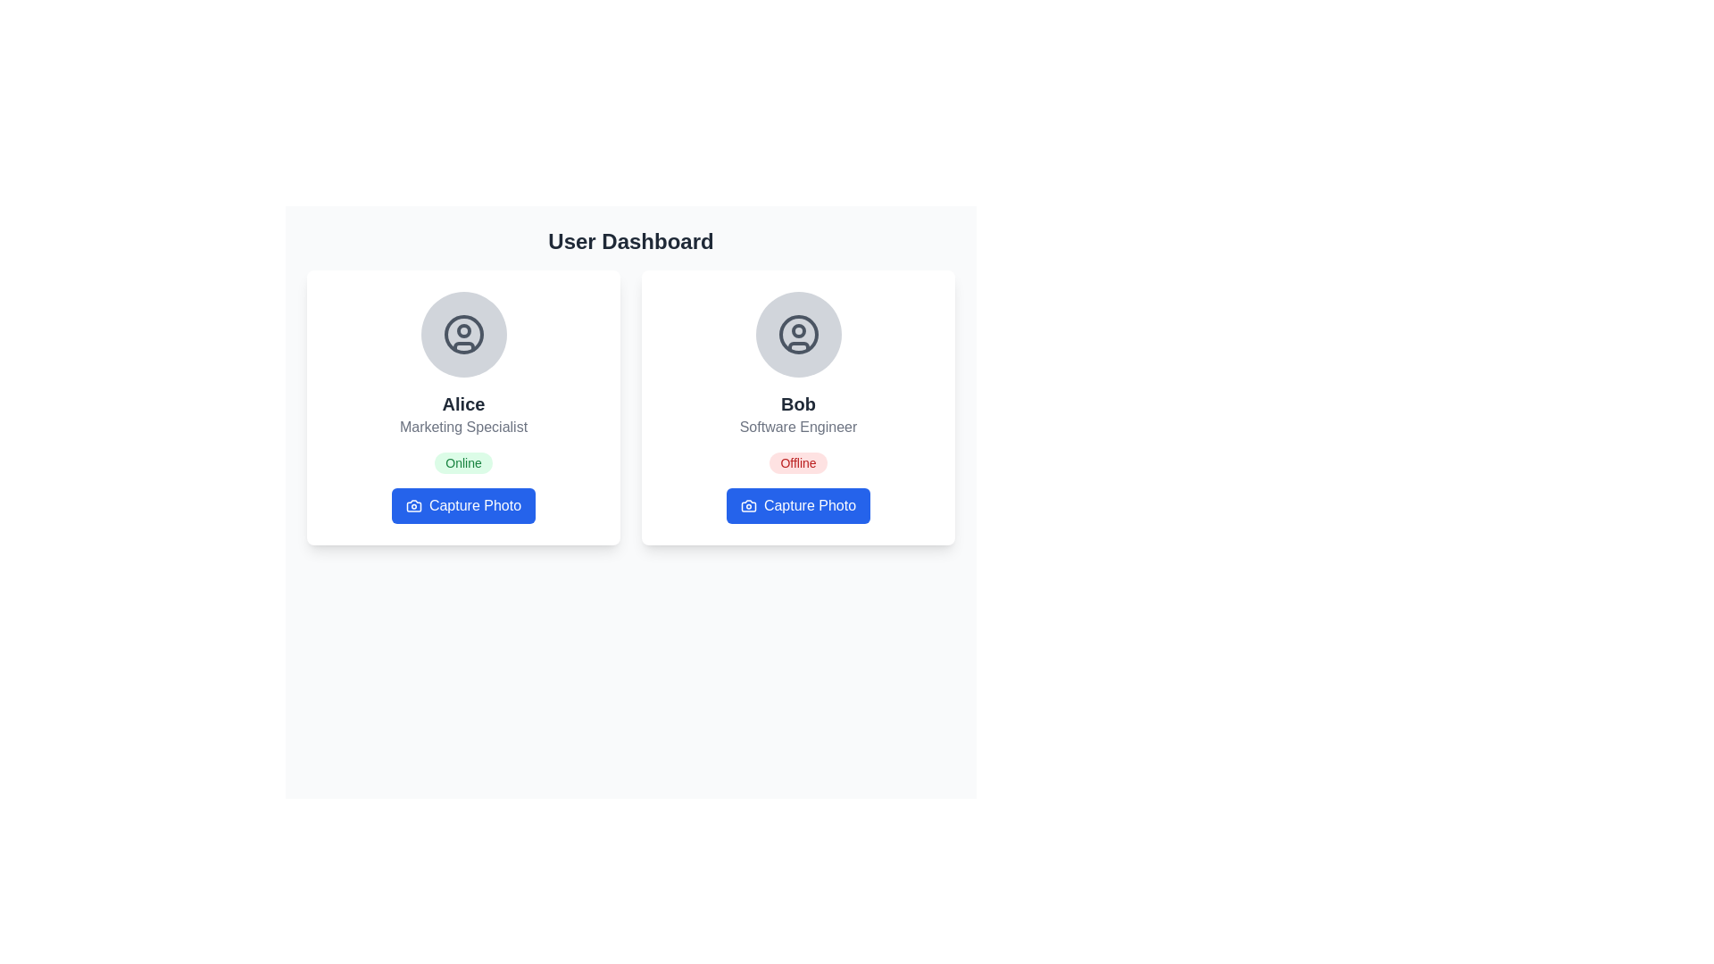 Image resolution: width=1714 pixels, height=964 pixels. What do you see at coordinates (463, 415) in the screenshot?
I see `displayed text from the Text Label element that shows 'Alice' and 'Marketing Specialist' in a card-like structure on the left-hand side of the user dashboard` at bounding box center [463, 415].